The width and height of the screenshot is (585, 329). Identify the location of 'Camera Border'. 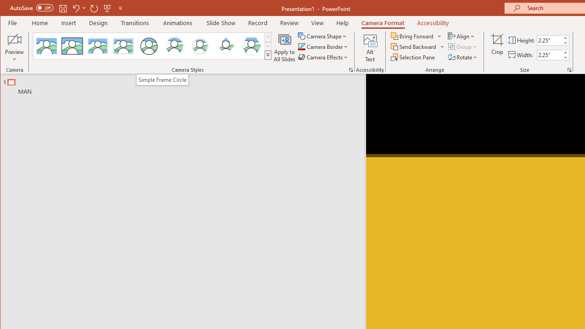
(323, 47).